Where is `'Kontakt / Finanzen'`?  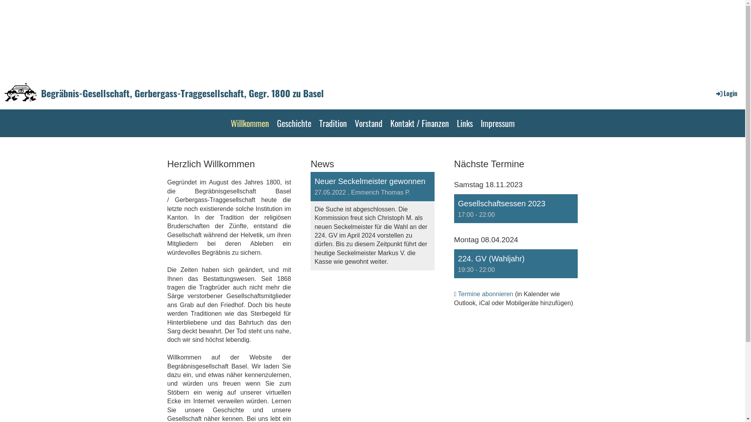 'Kontakt / Finanzen' is located at coordinates (419, 123).